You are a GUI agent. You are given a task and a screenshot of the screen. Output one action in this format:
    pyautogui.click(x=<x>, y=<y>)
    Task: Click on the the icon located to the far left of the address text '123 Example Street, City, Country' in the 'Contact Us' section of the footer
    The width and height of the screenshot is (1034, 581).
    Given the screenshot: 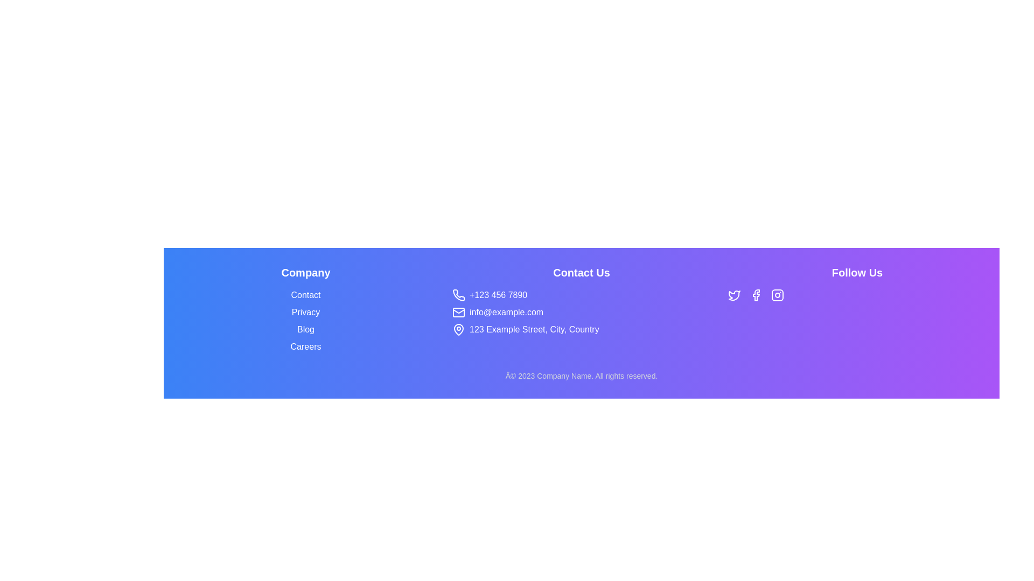 What is the action you would take?
    pyautogui.click(x=458, y=329)
    